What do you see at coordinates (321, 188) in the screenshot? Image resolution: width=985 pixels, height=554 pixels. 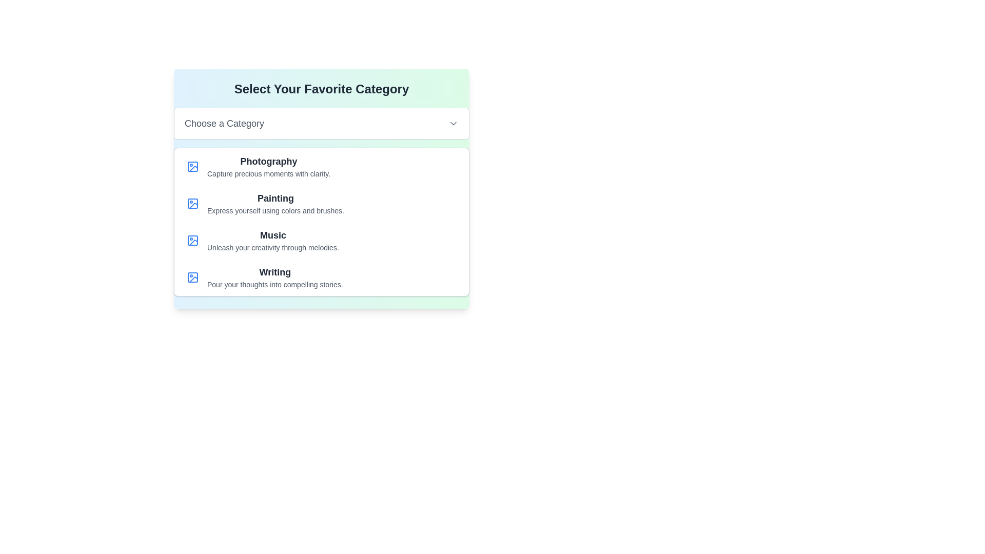 I see `the Interactive category selection panel with a gradient background and bold title 'Select Your Favorite Category'` at bounding box center [321, 188].